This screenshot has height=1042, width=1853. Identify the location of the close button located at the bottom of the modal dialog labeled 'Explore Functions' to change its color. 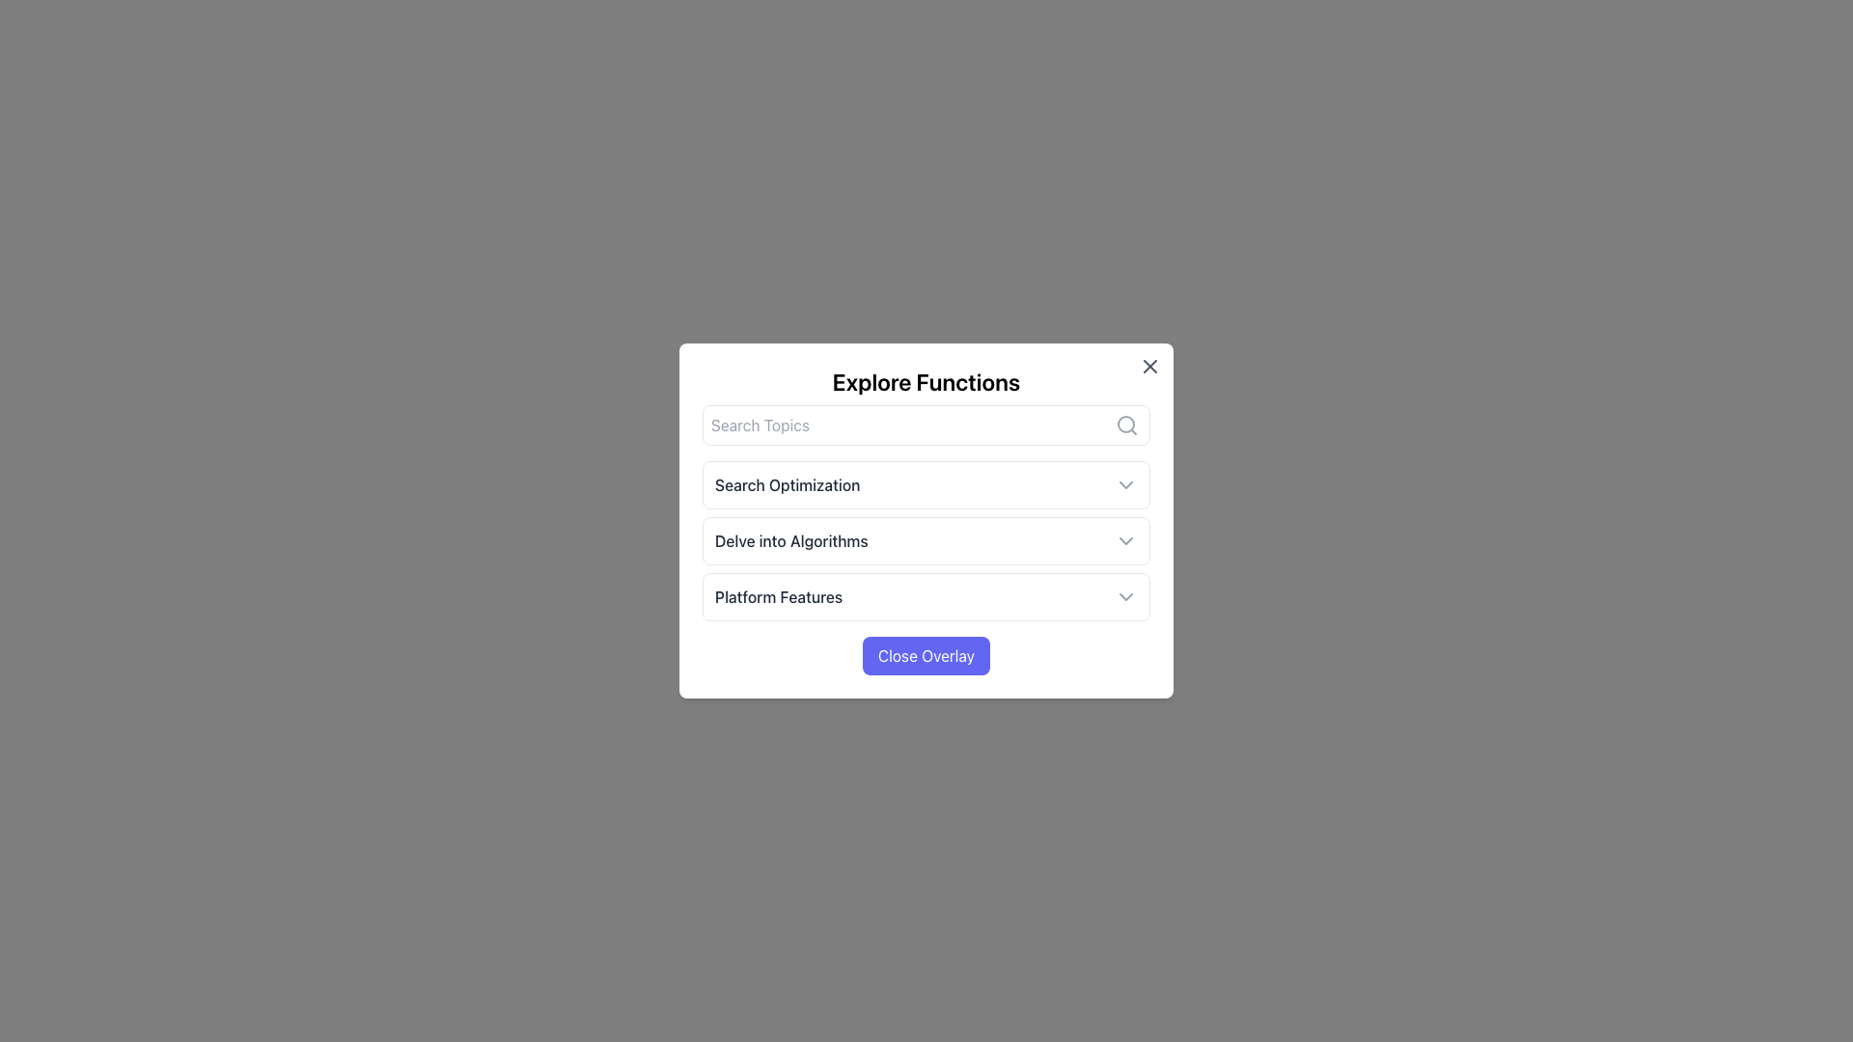
(926, 654).